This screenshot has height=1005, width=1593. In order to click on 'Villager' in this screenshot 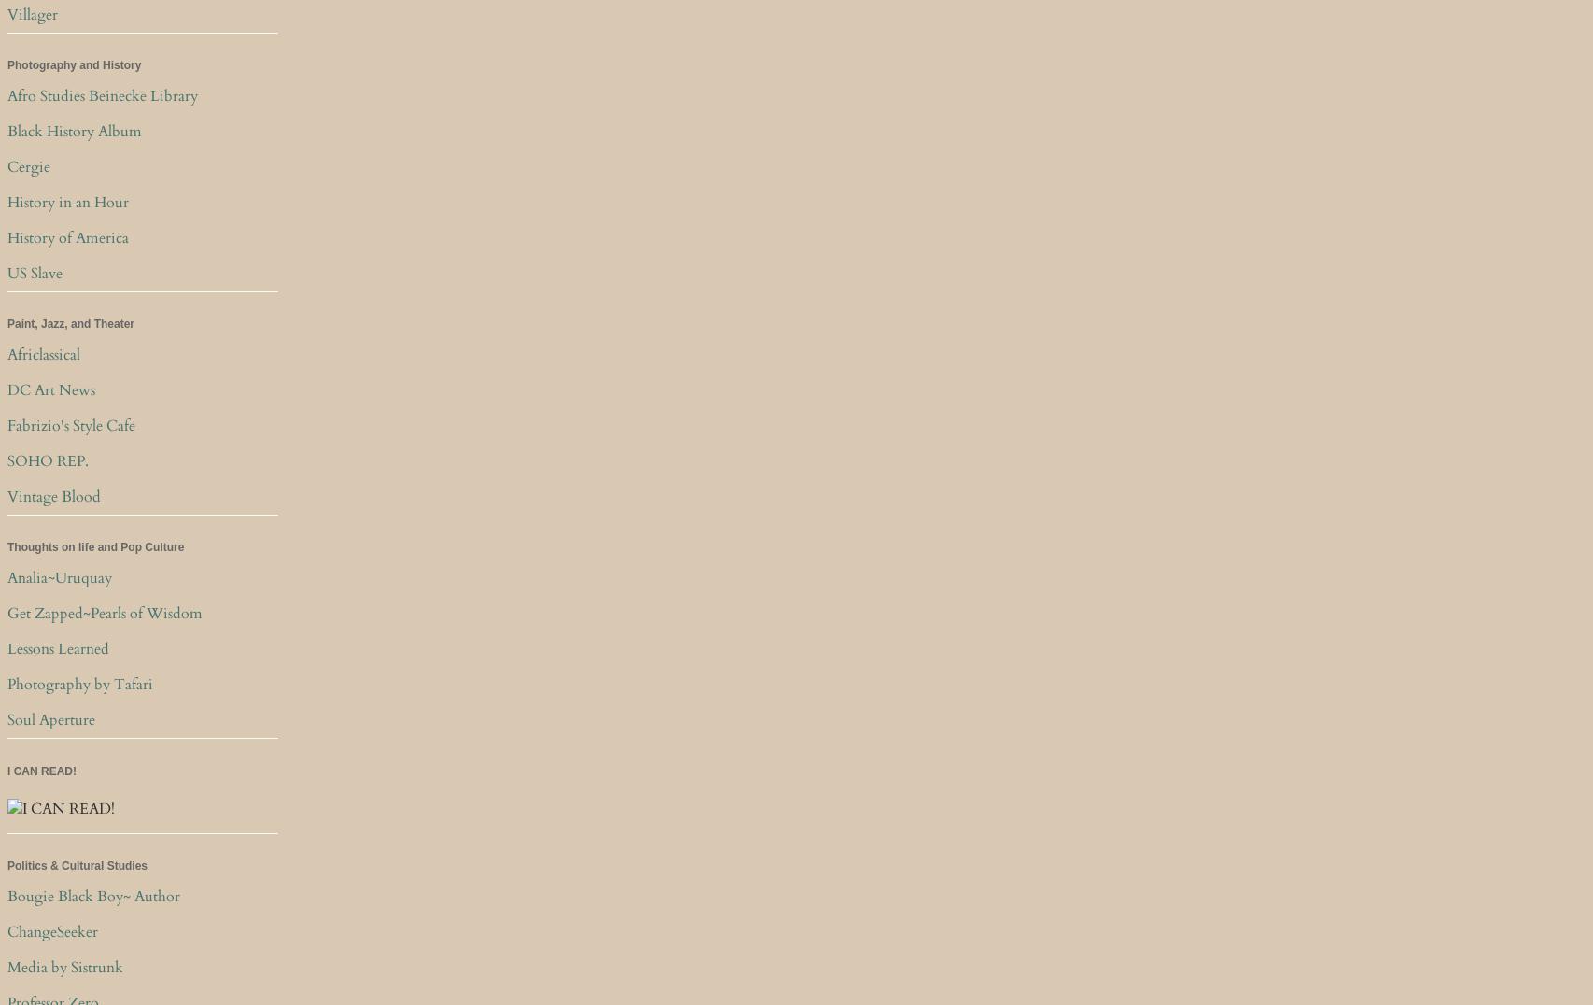, I will do `click(7, 12)`.